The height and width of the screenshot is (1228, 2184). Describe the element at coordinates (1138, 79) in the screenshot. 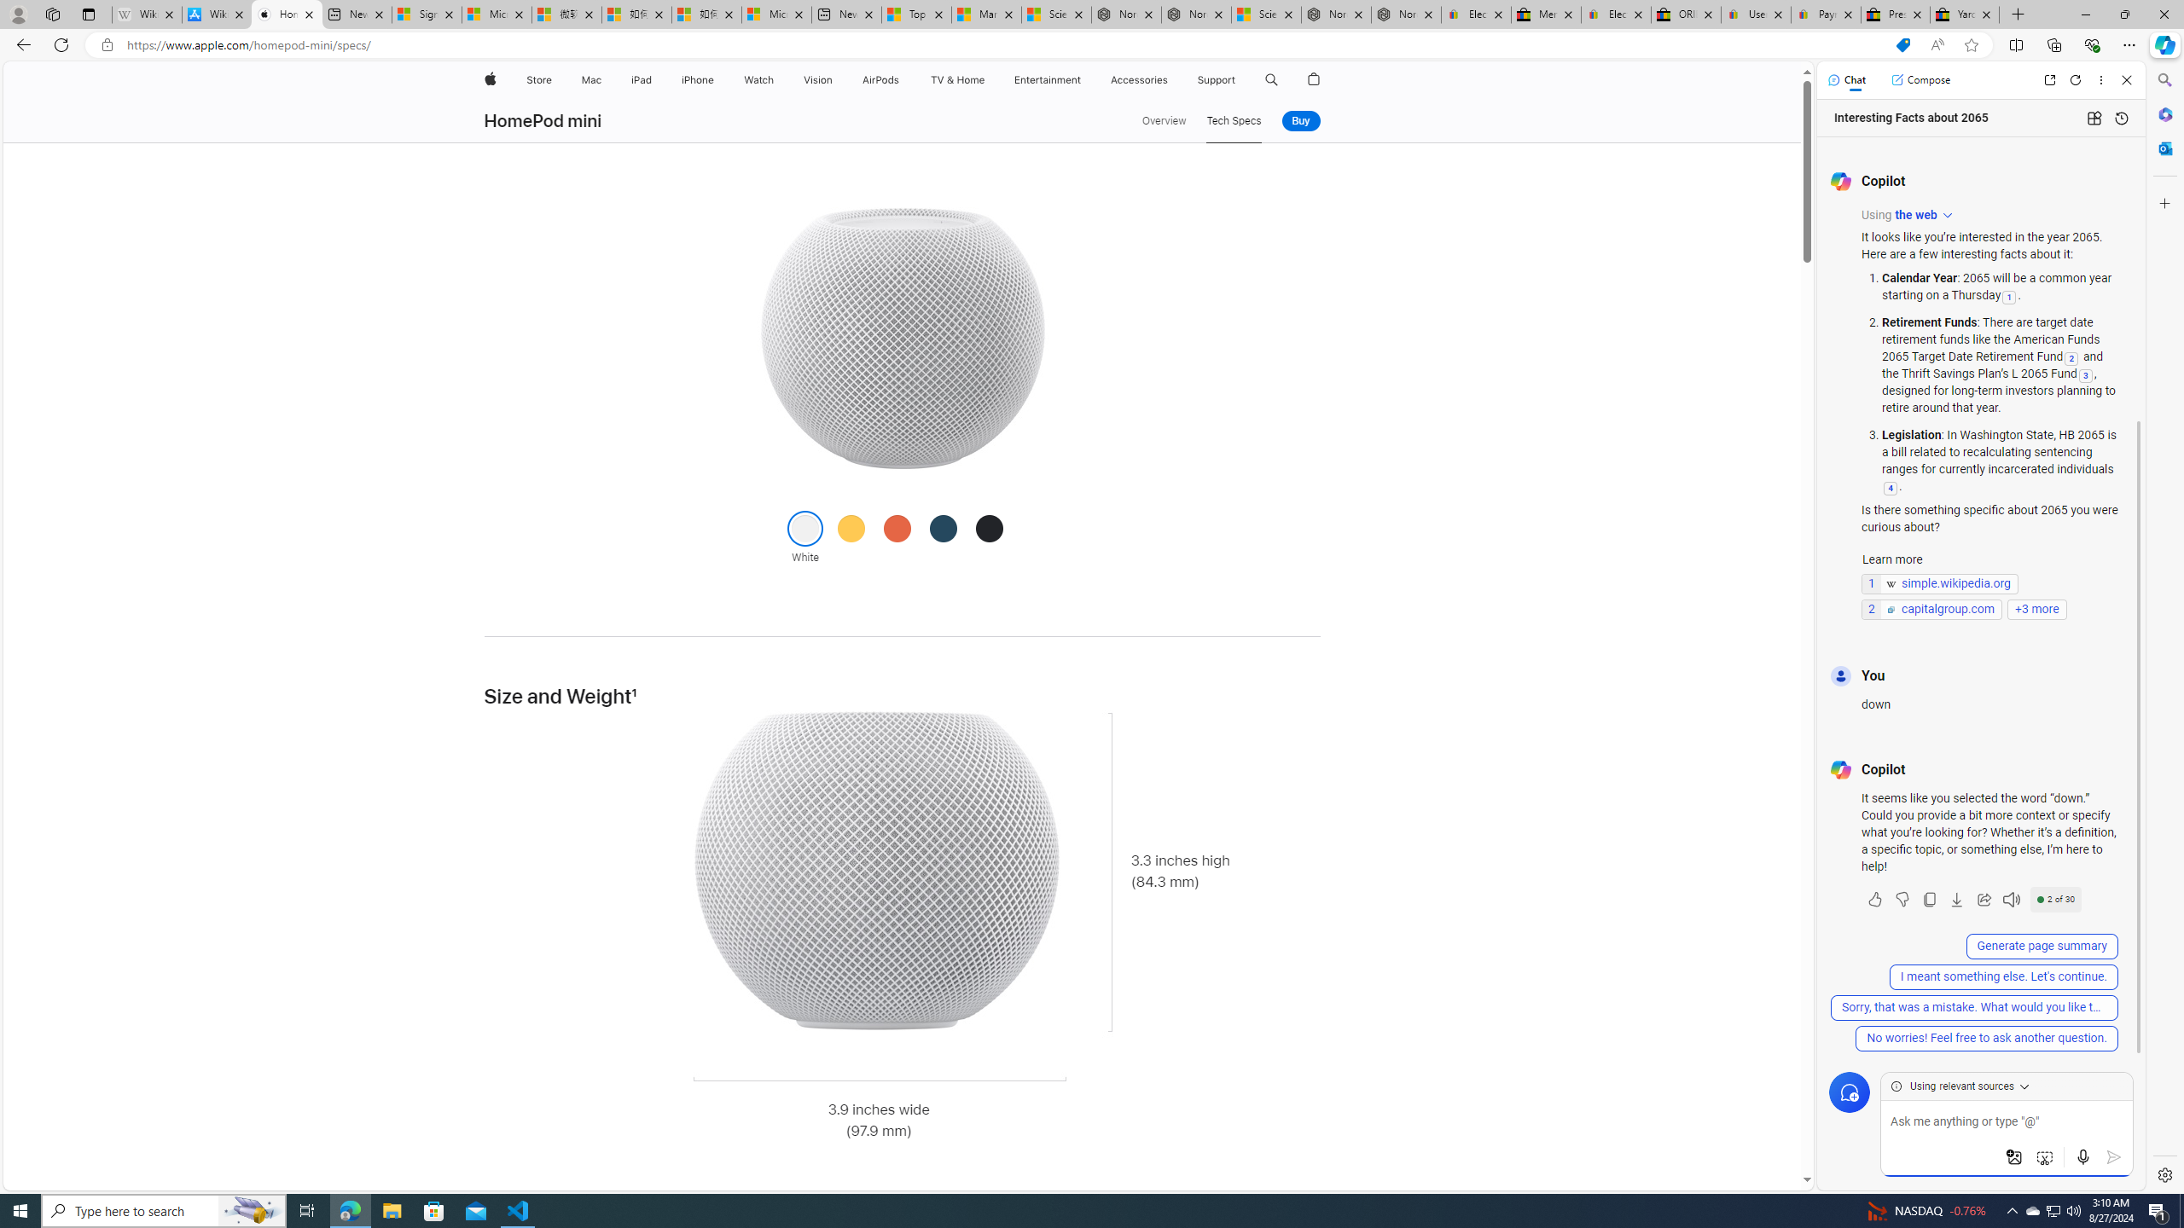

I see `'Accessories'` at that location.